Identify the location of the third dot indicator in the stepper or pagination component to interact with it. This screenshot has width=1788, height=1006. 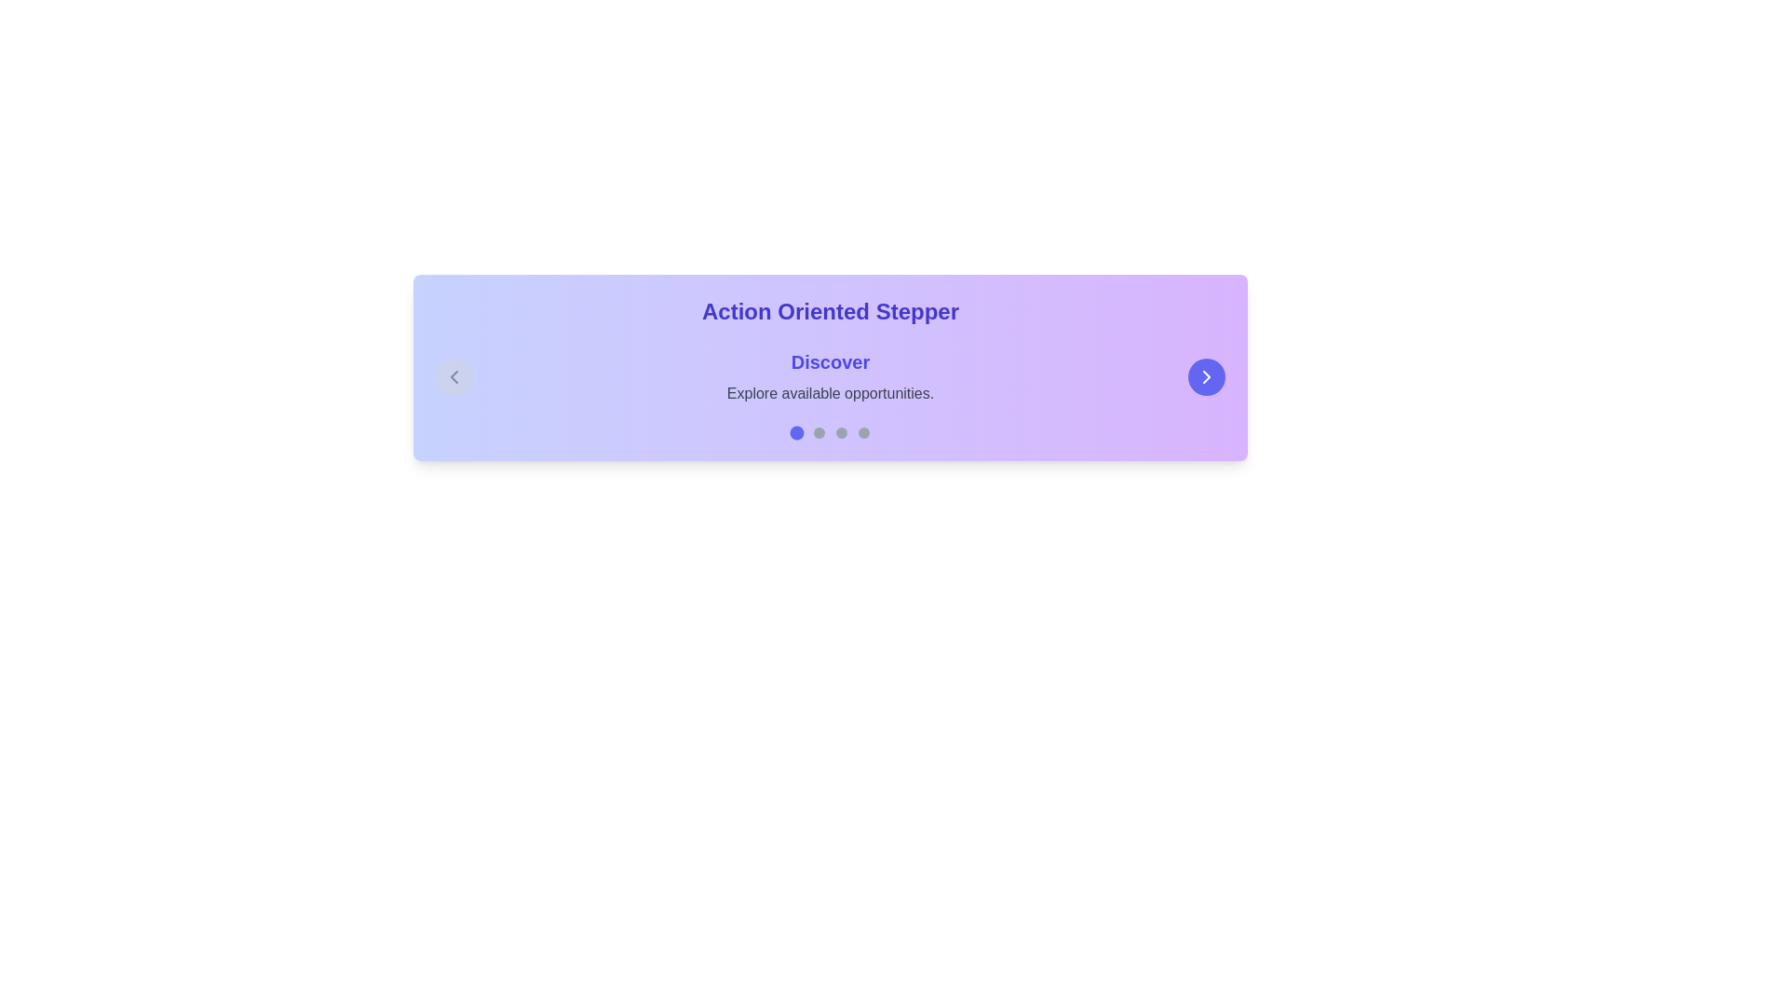
(840, 433).